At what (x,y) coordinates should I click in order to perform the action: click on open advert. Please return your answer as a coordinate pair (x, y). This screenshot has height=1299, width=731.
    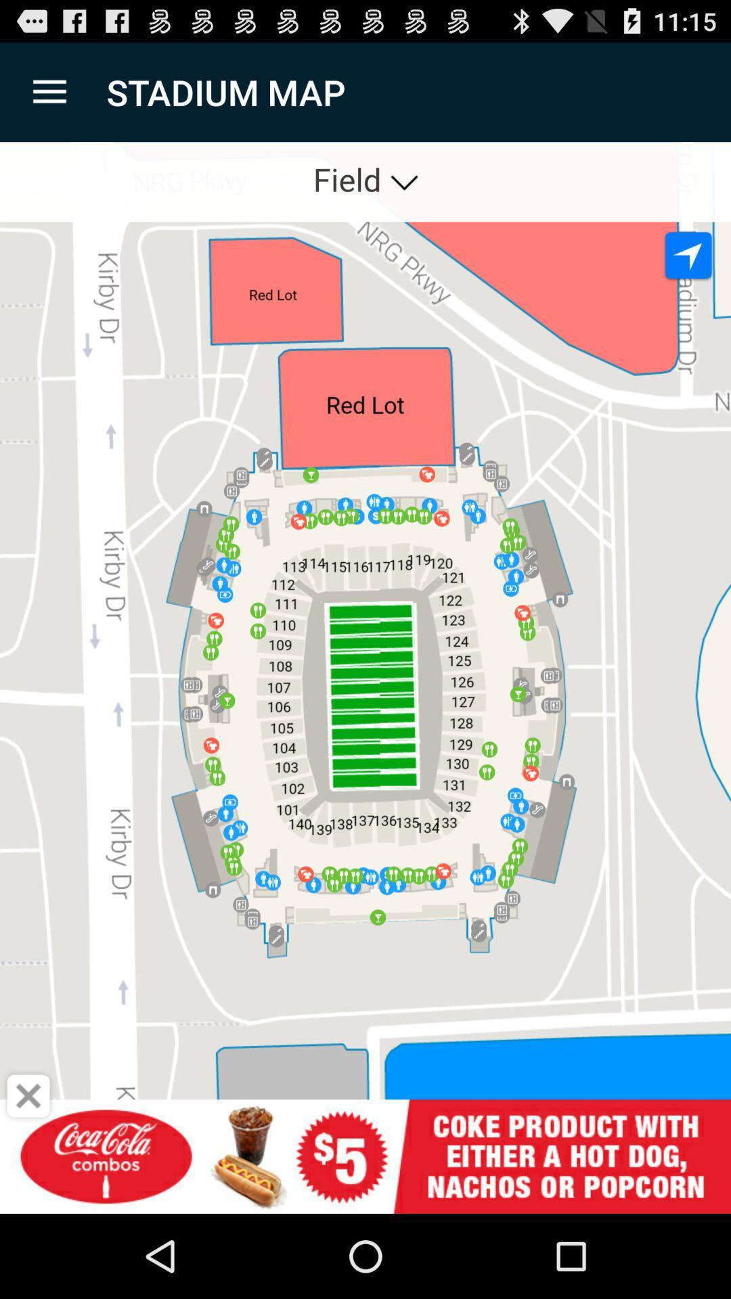
    Looking at the image, I should click on (365, 1156).